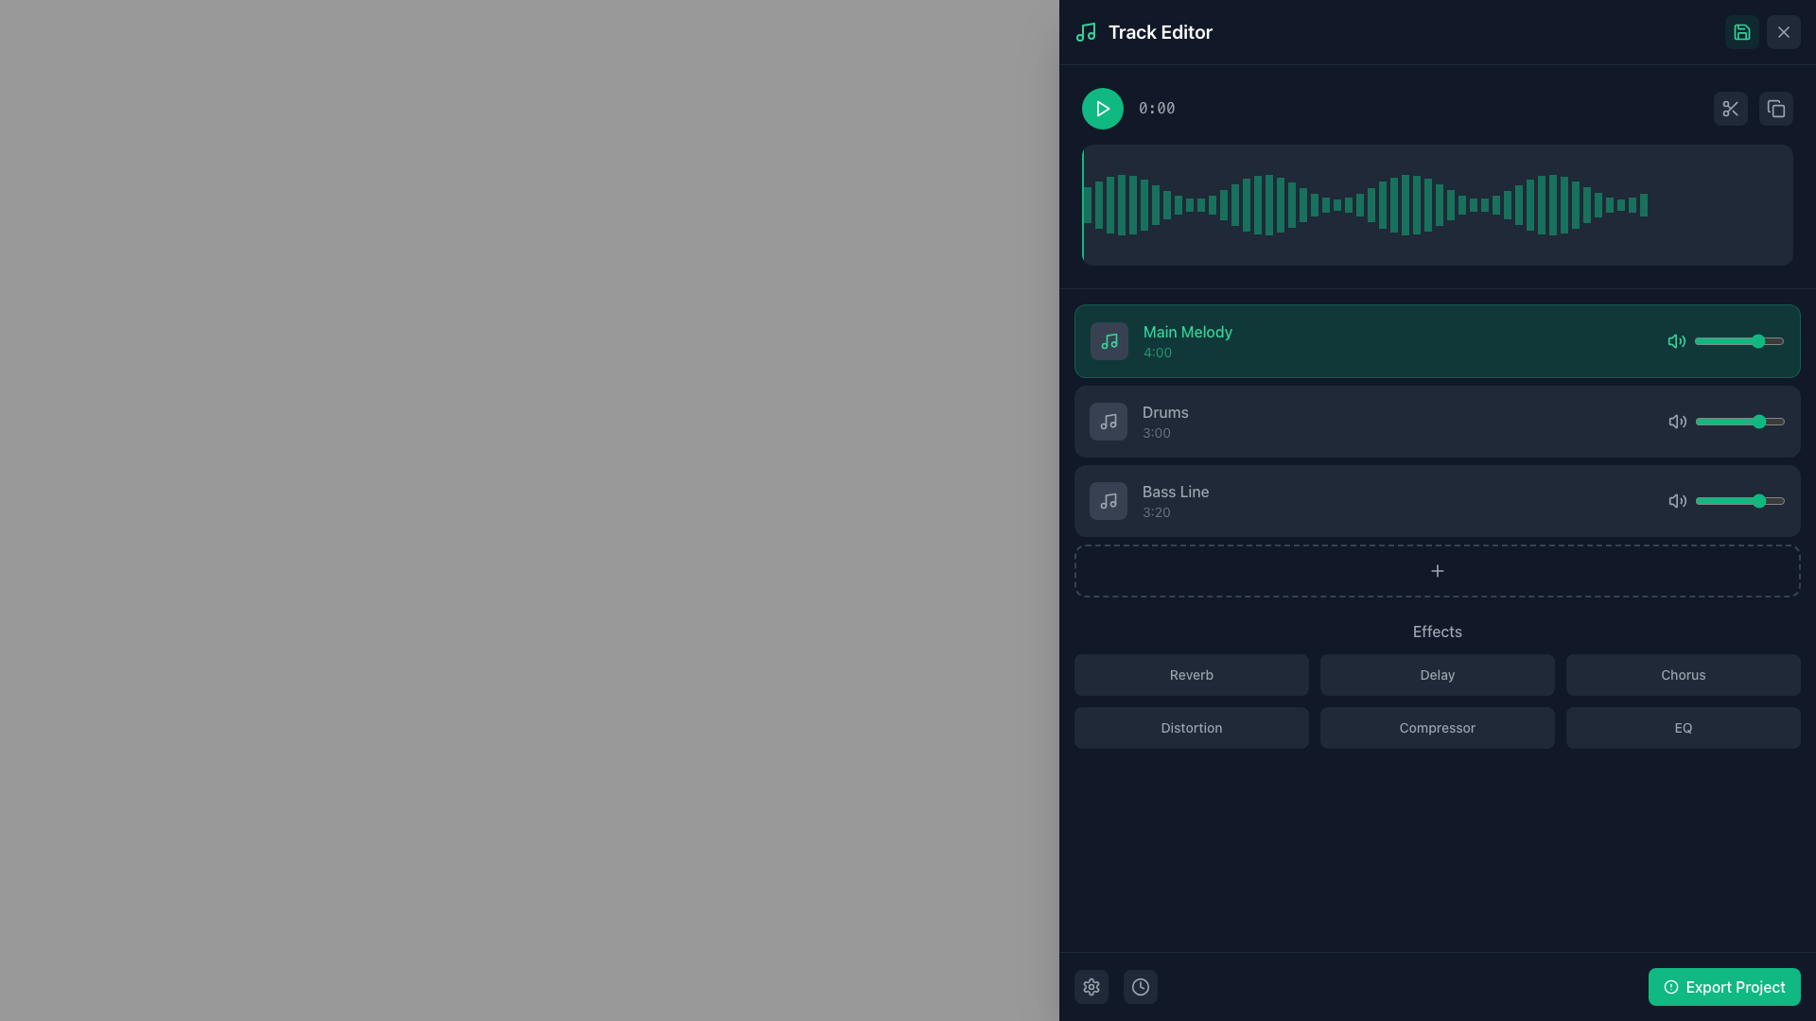  Describe the element at coordinates (1715, 421) in the screenshot. I see `the volume slider` at that location.